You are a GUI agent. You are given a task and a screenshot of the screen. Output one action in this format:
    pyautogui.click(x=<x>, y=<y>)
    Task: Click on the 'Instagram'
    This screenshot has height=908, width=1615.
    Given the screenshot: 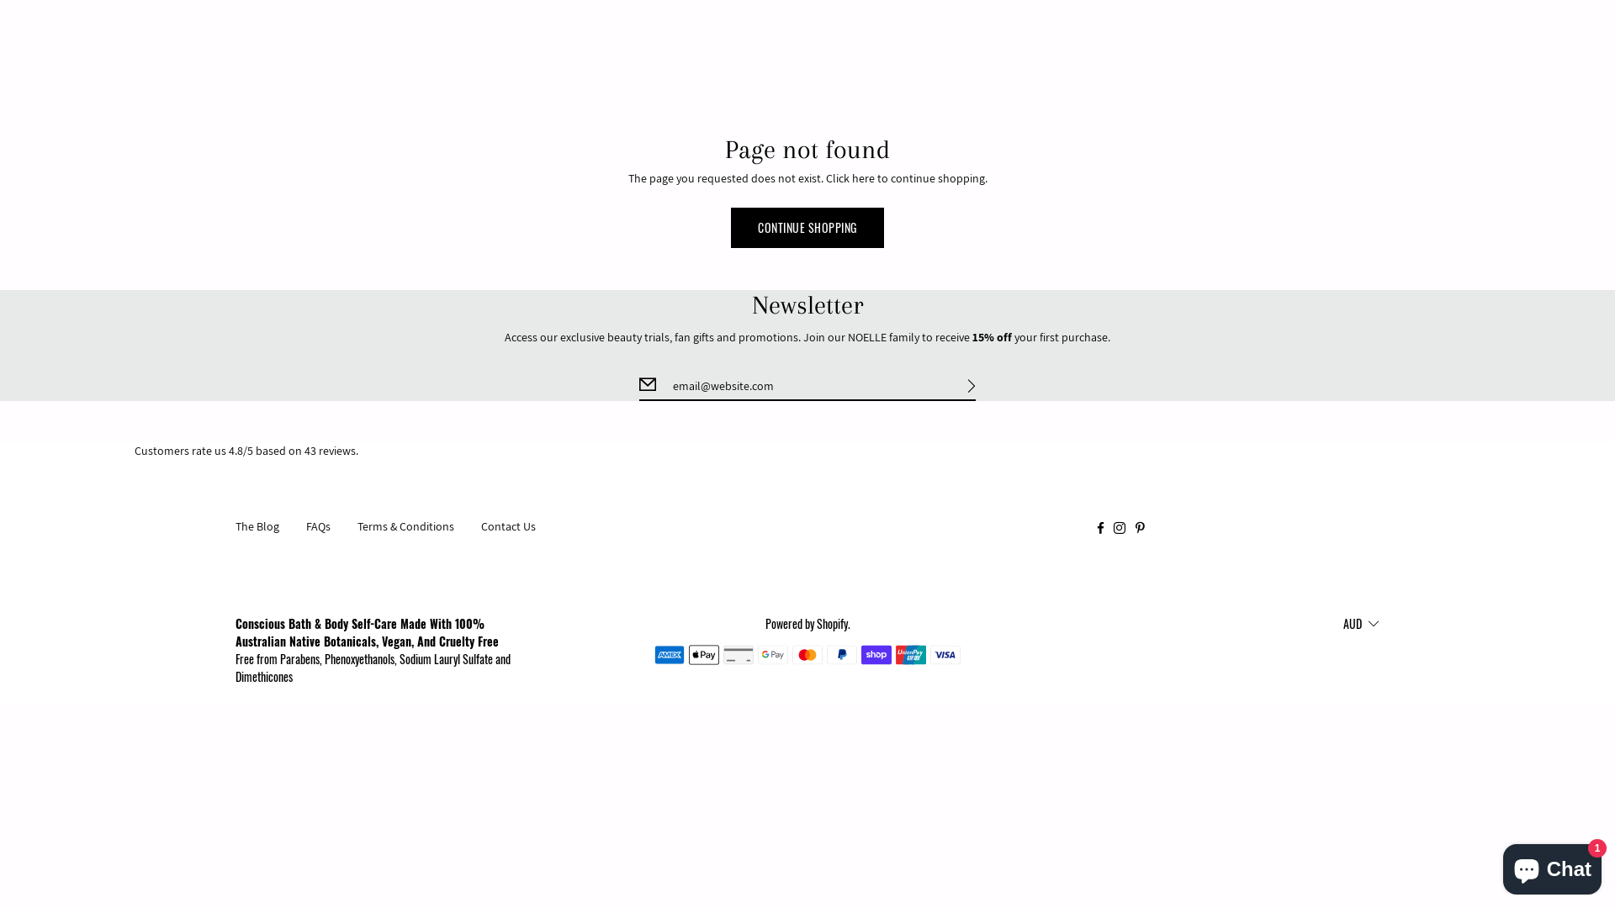 What is the action you would take?
    pyautogui.click(x=1119, y=525)
    